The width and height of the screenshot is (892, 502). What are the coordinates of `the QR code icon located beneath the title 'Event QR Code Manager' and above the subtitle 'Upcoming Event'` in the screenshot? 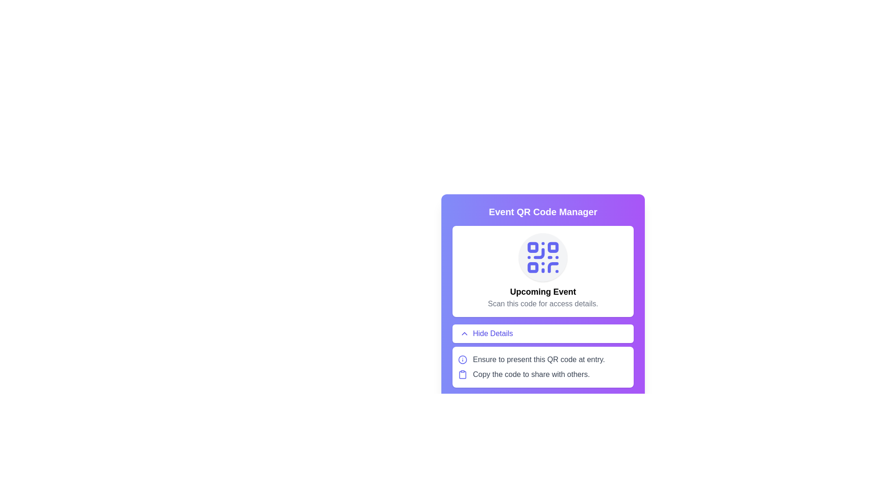 It's located at (543, 258).